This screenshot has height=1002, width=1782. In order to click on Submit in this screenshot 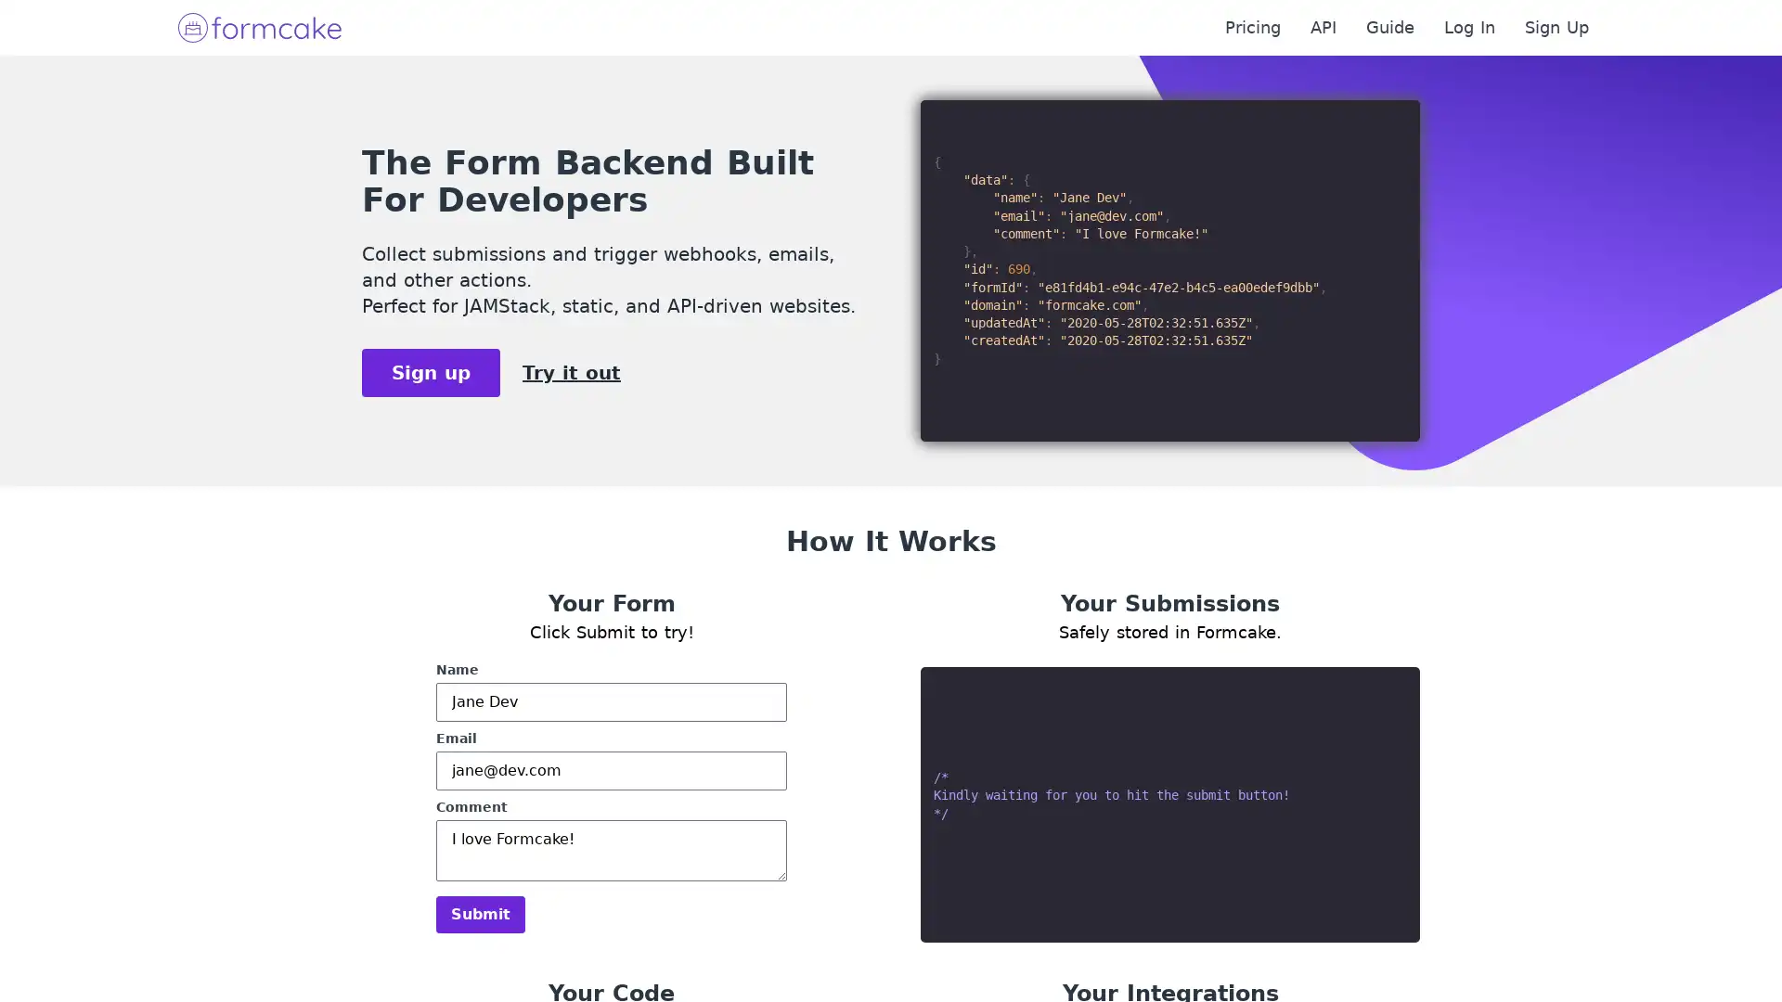, I will do `click(987, 392)`.